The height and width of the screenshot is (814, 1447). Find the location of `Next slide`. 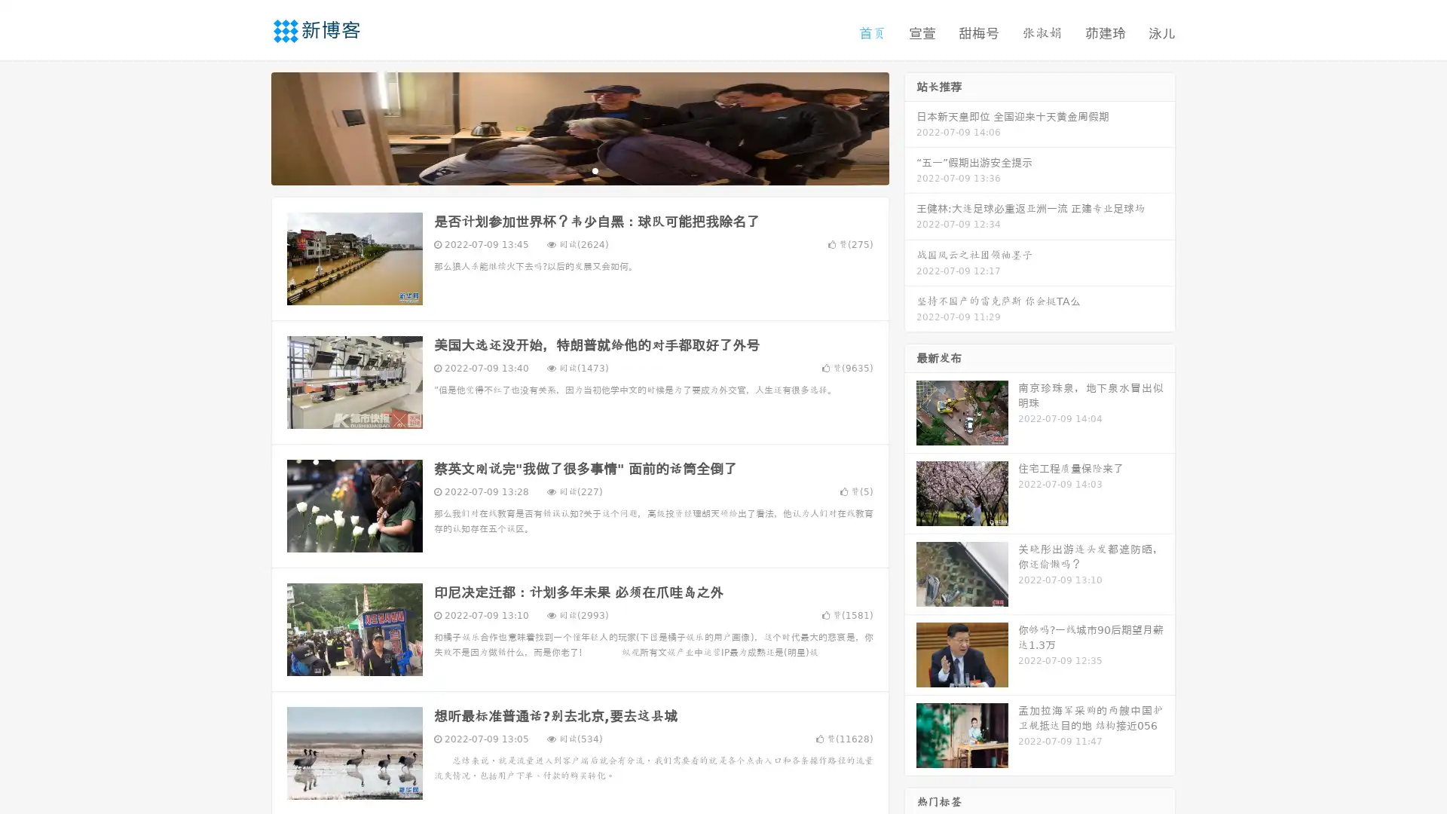

Next slide is located at coordinates (910, 127).